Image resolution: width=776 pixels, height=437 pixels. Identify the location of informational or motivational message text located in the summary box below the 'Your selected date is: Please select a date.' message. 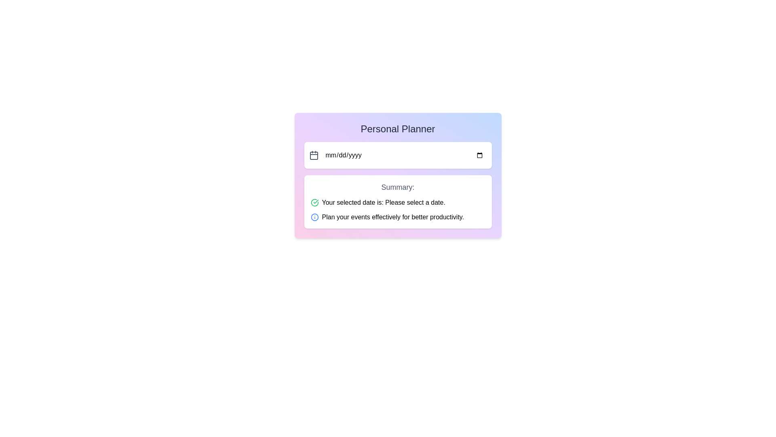
(398, 216).